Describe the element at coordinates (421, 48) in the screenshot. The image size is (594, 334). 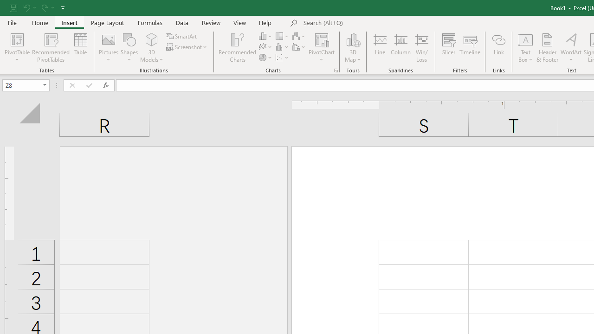
I see `'Win/Loss'` at that location.